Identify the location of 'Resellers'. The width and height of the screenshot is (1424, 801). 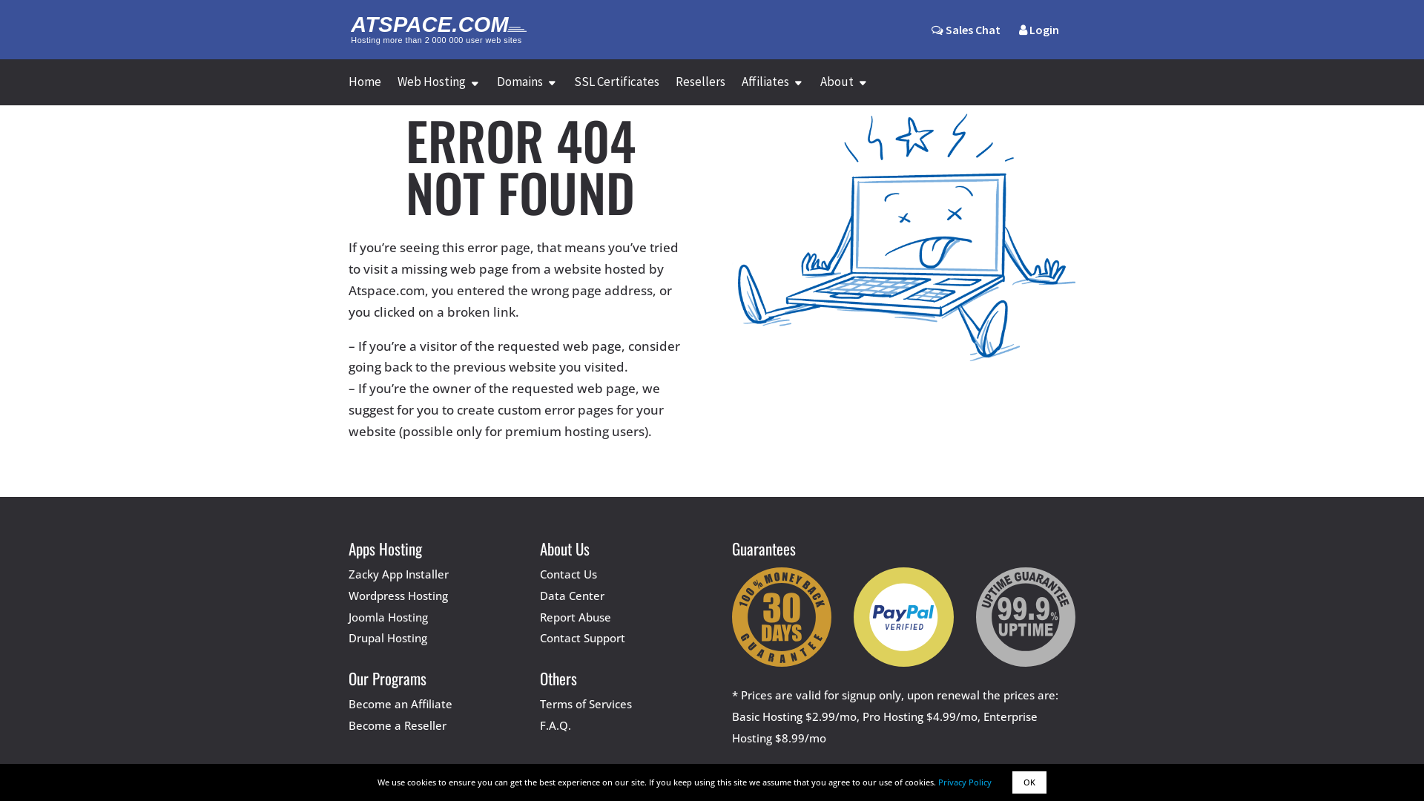
(675, 90).